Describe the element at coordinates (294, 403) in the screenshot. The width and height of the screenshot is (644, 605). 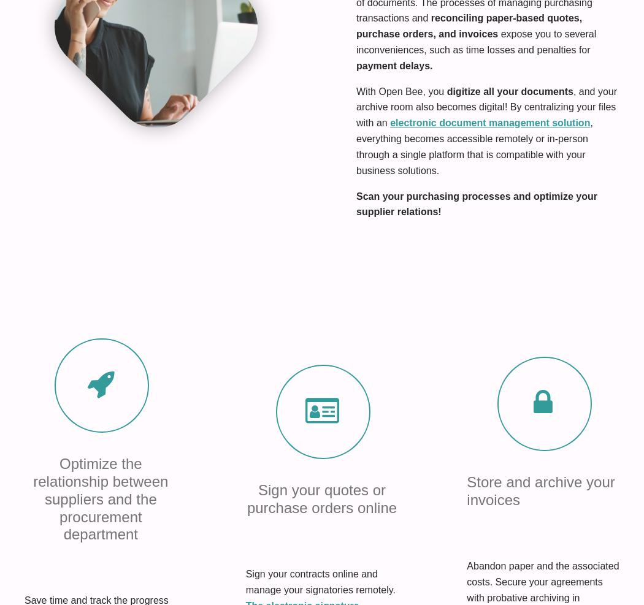
I see `'Terms of Use'` at that location.